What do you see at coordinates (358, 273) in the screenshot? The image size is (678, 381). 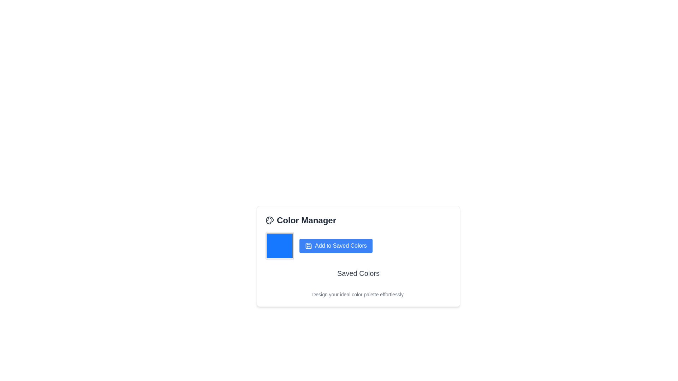 I see `the 'Saved Colors' static text label element, which is styled in a large gray font and positioned below the 'Add to Saved Colors' button in the middle section of the UI` at bounding box center [358, 273].